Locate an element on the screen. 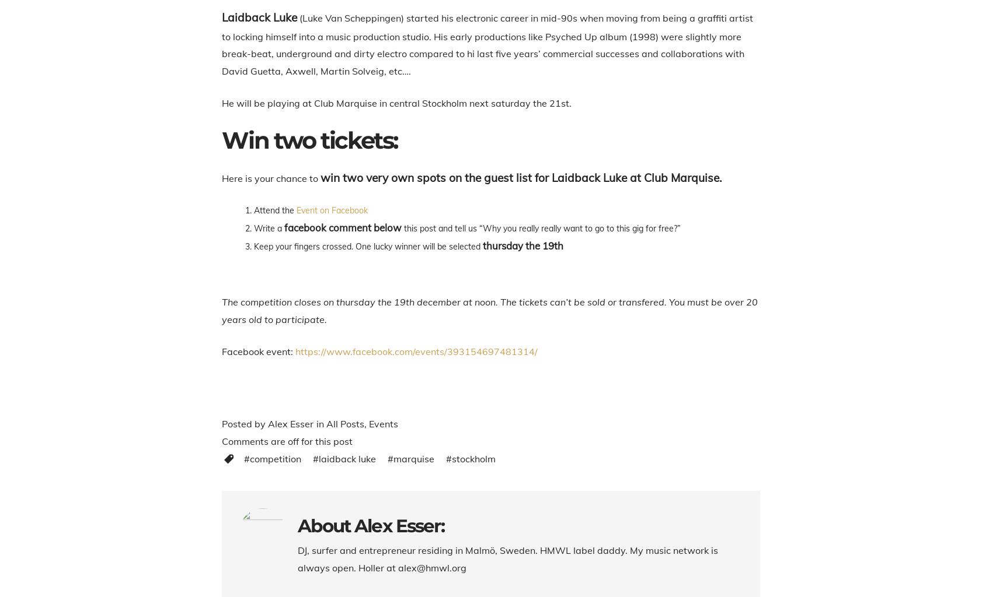 The height and width of the screenshot is (597, 982). 'DJ, surfer and entrepreneur residing in Malmö, Sweden. HMWL label daddy. My music network is always open. Holler at alex@hmwl.org' is located at coordinates (297, 559).